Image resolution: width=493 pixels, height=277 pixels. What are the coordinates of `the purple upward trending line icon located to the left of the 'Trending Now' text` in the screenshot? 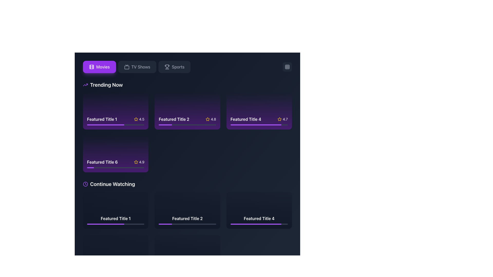 It's located at (85, 85).